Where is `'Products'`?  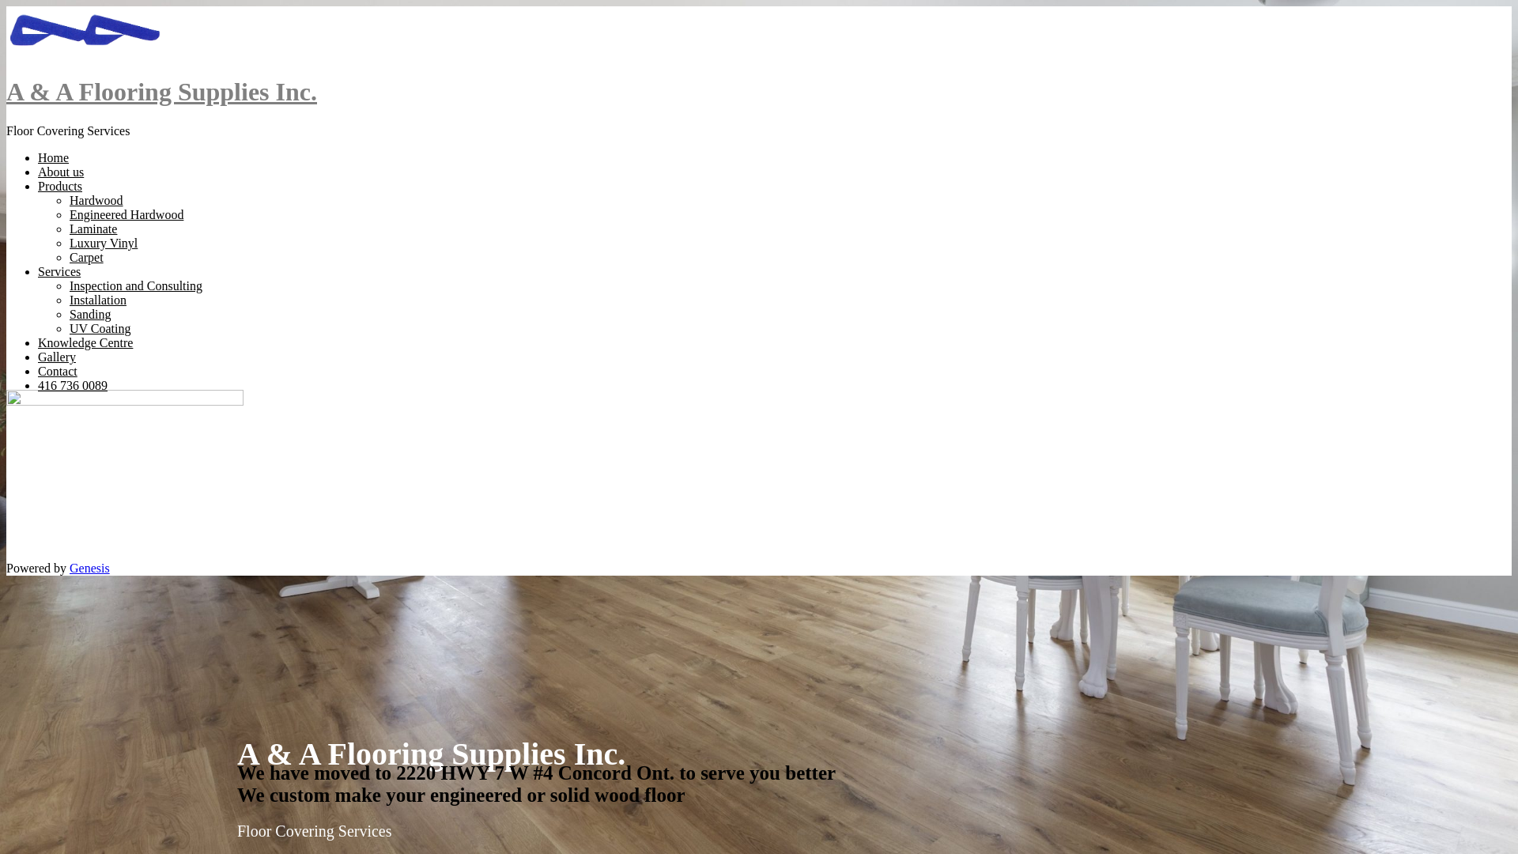 'Products' is located at coordinates (60, 185).